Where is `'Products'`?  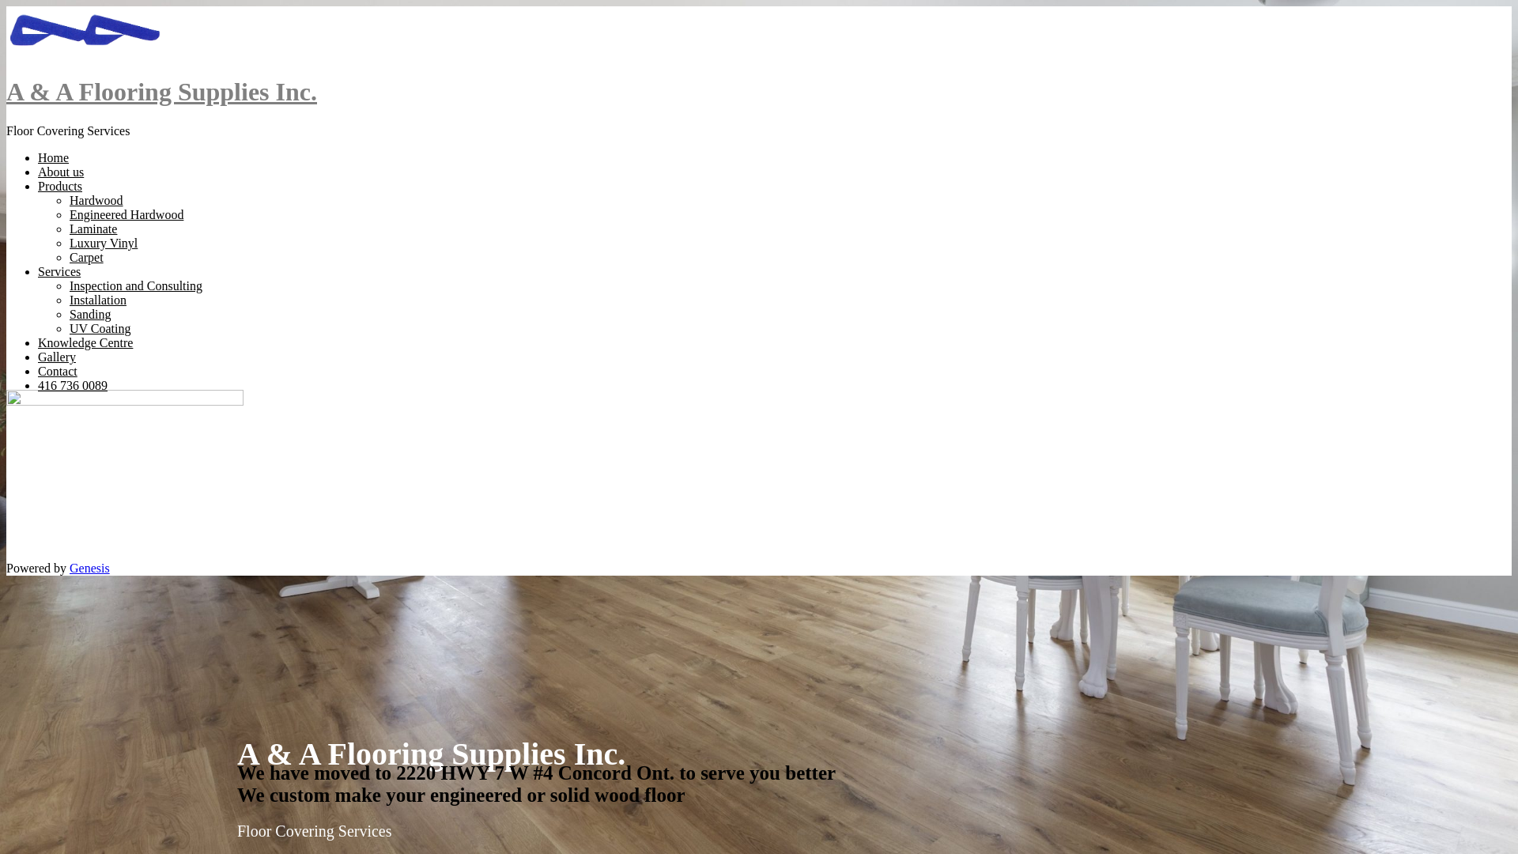 'Products' is located at coordinates (60, 185).